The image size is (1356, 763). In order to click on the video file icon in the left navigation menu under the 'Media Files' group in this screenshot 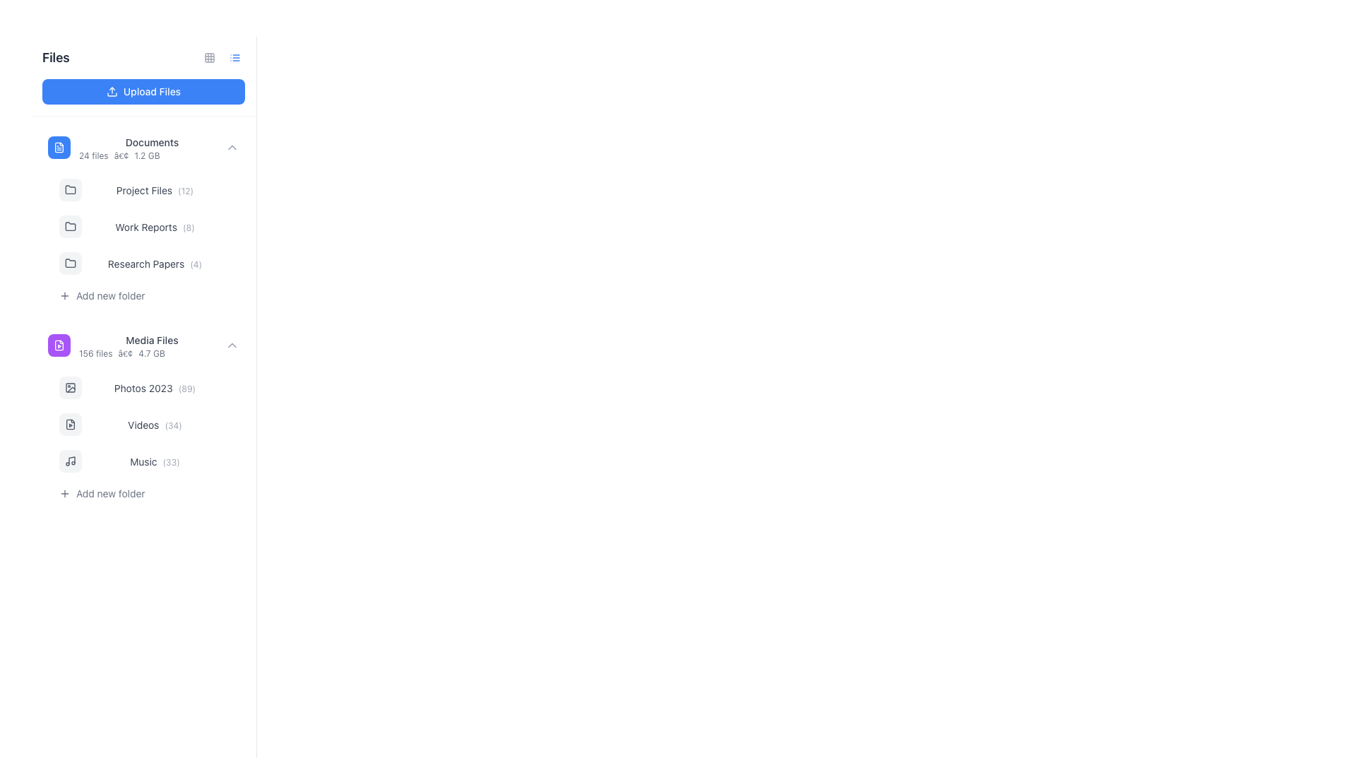, I will do `click(70, 424)`.